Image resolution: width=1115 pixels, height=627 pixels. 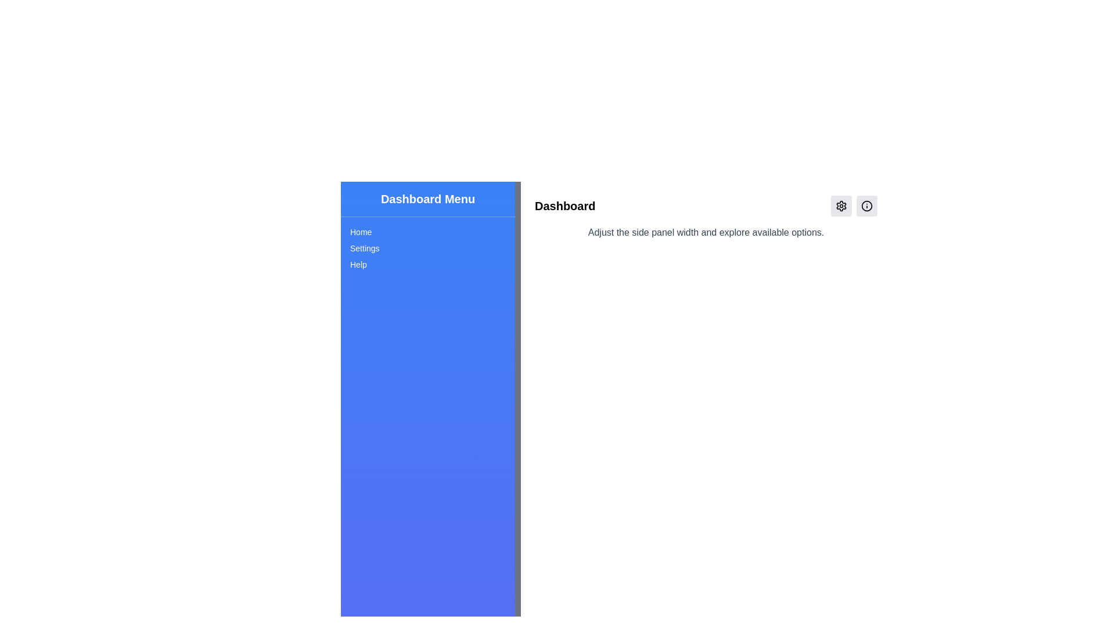 I want to click on the gear-like icon in the top-right area of the interface, so click(x=841, y=205).